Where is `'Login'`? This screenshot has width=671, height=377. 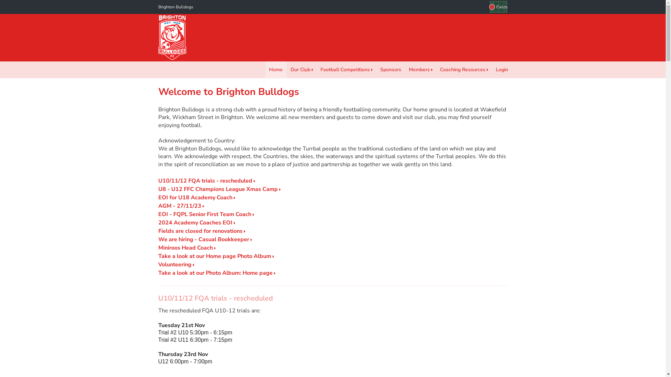 'Login' is located at coordinates (502, 70).